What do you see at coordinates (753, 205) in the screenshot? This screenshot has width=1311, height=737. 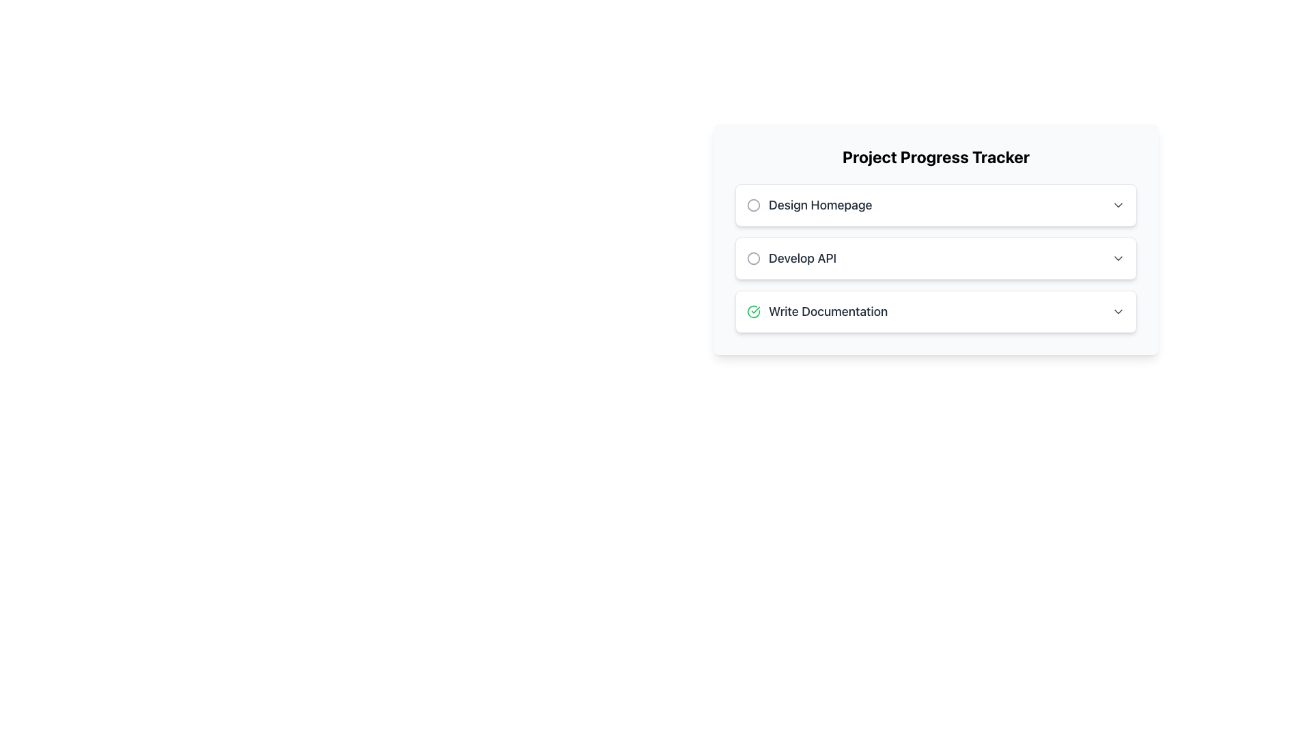 I see `the status icon for the task 'Design Homepage', located in the top-left corner of the first item in the task list` at bounding box center [753, 205].